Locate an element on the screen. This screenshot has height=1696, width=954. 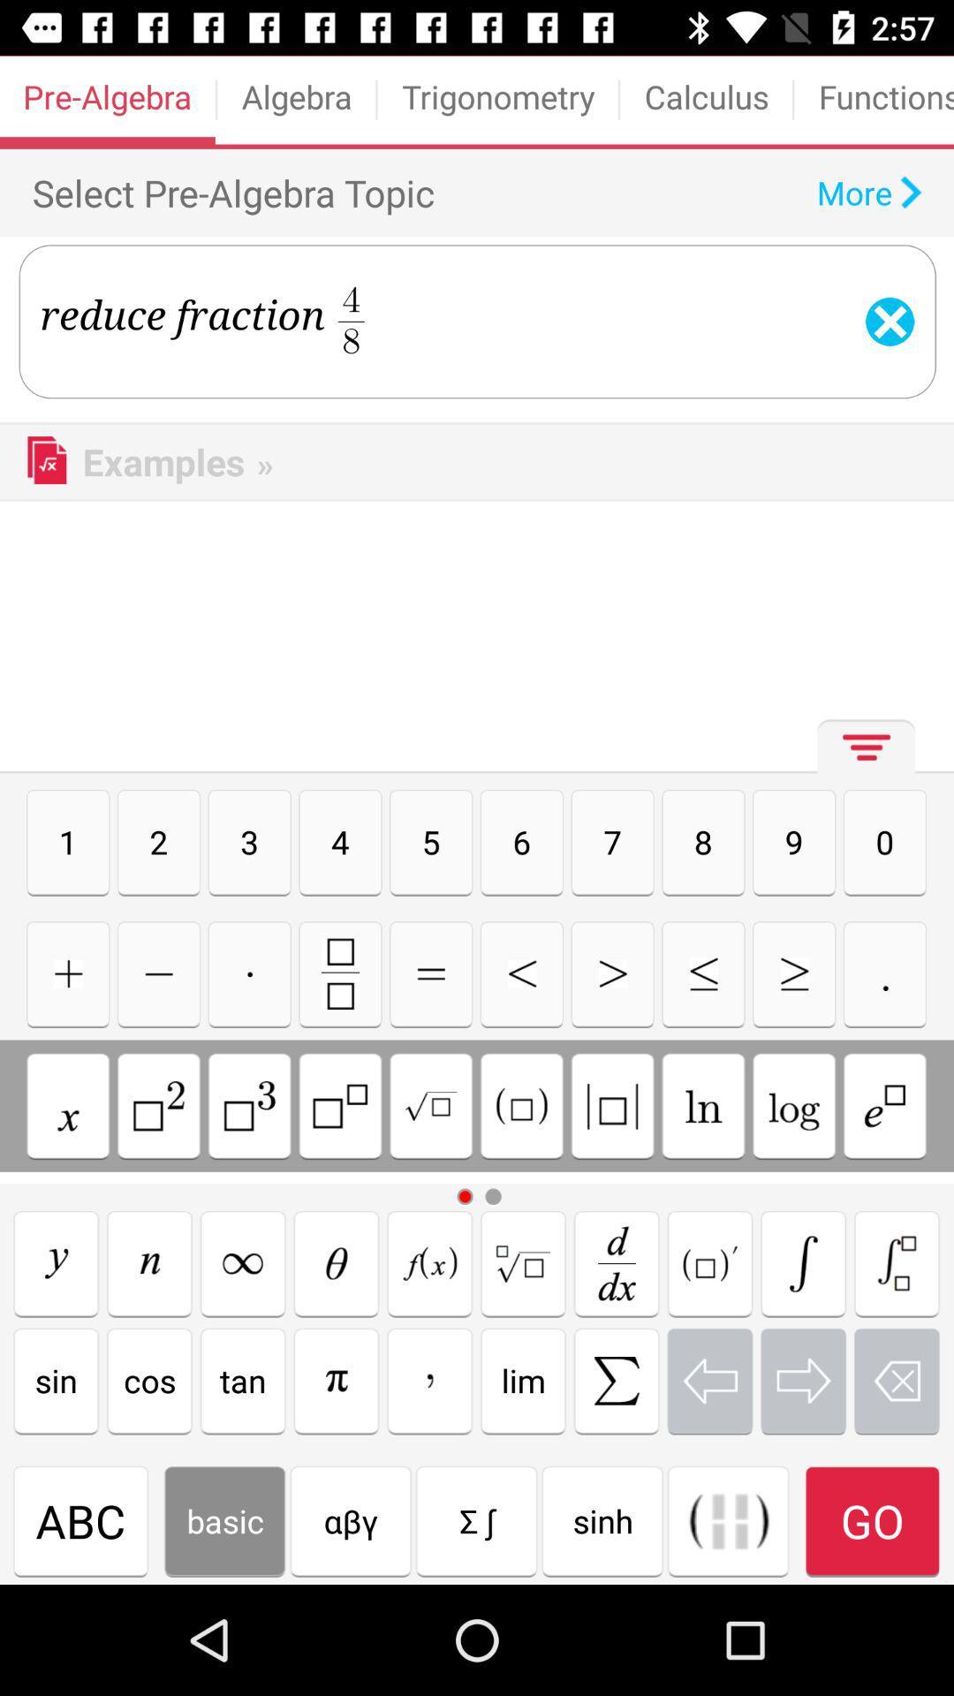
less then sign is located at coordinates (520, 973).